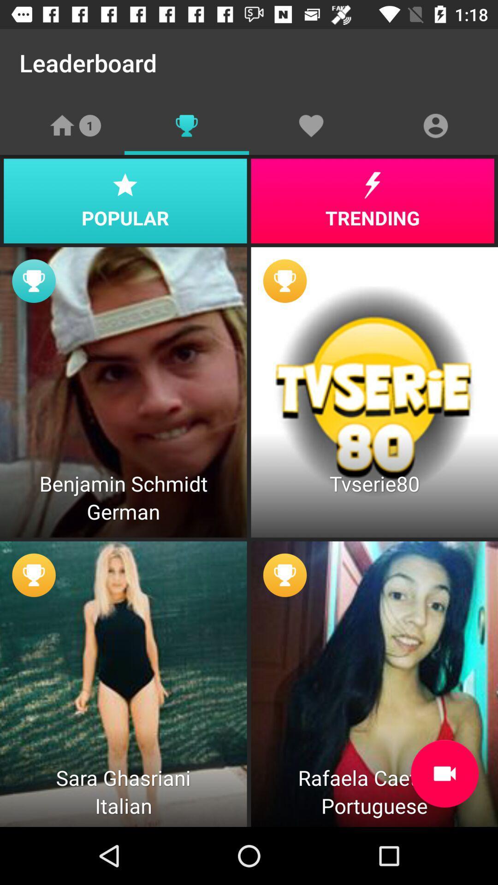  Describe the element at coordinates (444, 773) in the screenshot. I see `camera` at that location.